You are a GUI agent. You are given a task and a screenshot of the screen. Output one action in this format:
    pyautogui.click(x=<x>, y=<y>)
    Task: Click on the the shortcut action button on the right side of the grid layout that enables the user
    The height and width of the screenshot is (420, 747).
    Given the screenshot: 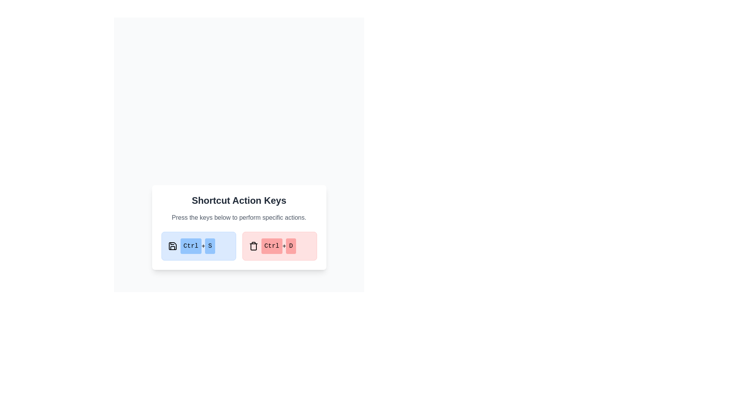 What is the action you would take?
    pyautogui.click(x=279, y=246)
    